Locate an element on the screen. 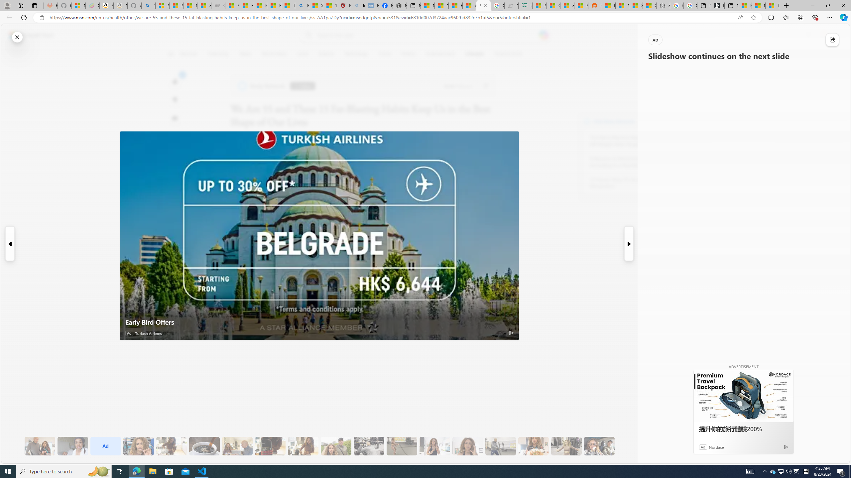 The image size is (851, 478). '14 They Have Salmon and Veggies for Dinner' is located at coordinates (534, 446).